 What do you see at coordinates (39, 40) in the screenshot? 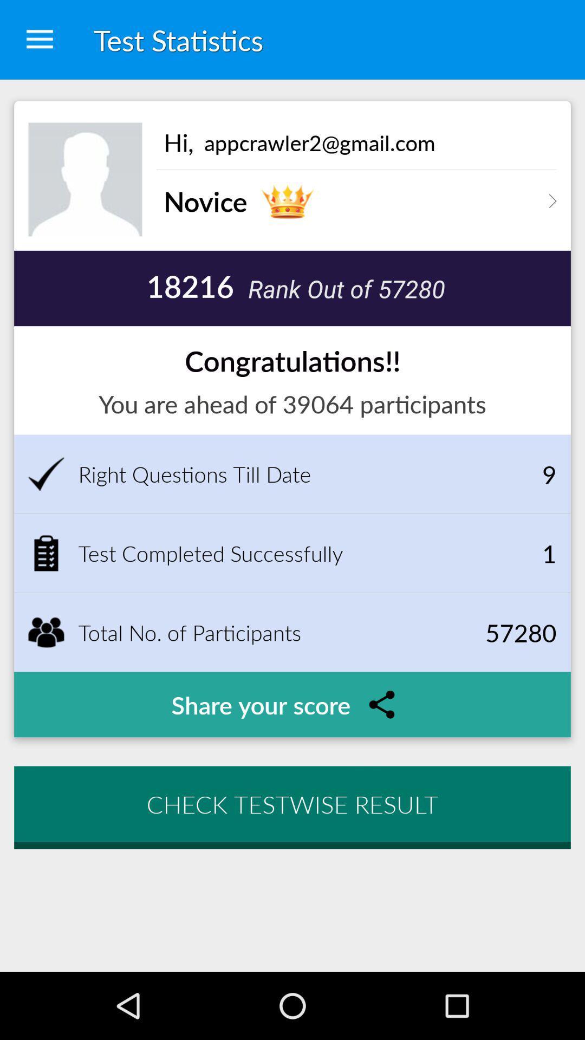
I see `item next to test statistics` at bounding box center [39, 40].